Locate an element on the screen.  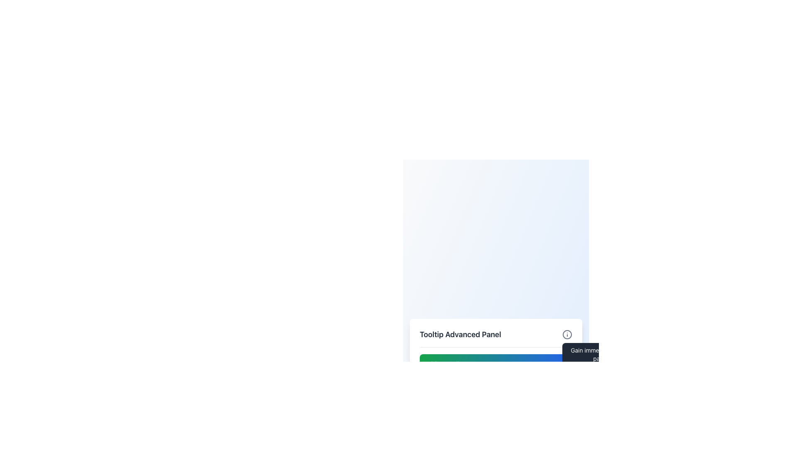
the Tooltip trigger icon located at the top right corner of the 'Tooltip Advanced Panel' is located at coordinates (566, 334).